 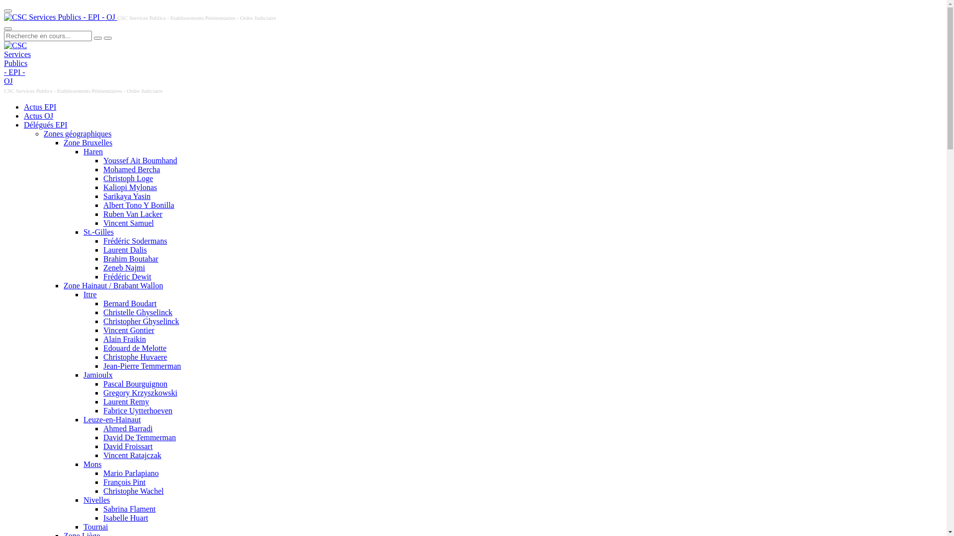 I want to click on 'Mario Parlapiano', so click(x=131, y=472).